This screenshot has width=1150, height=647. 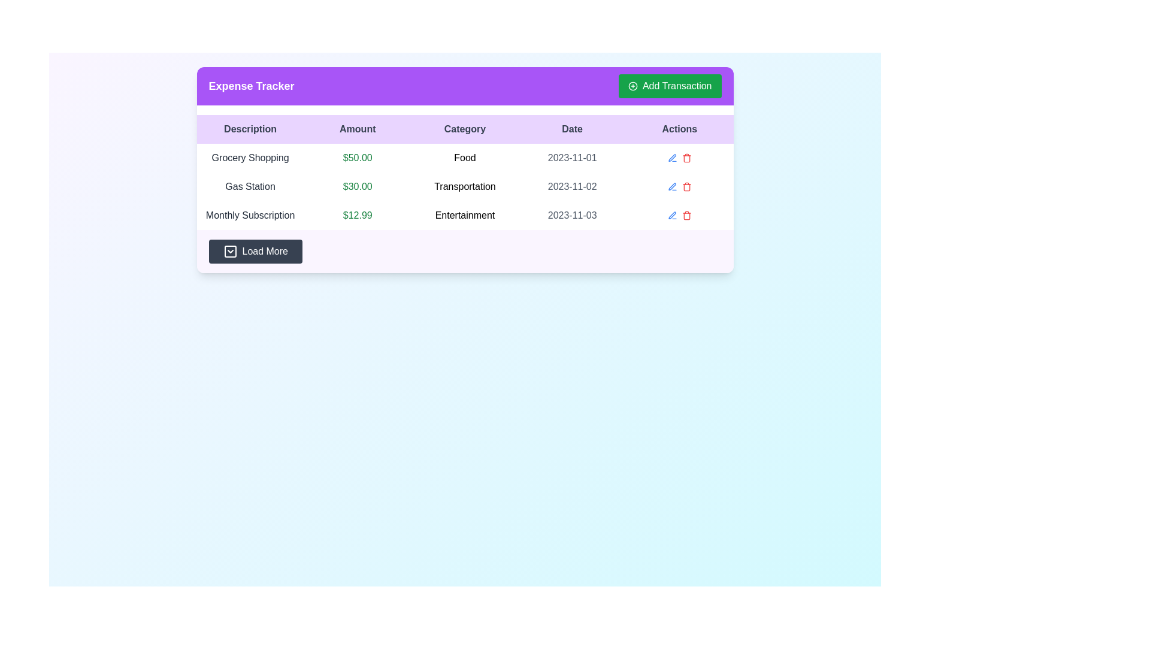 I want to click on the delete button located in the 'Actions' column of the second table entry in the 'Expense Tracker' interface, so click(x=686, y=157).